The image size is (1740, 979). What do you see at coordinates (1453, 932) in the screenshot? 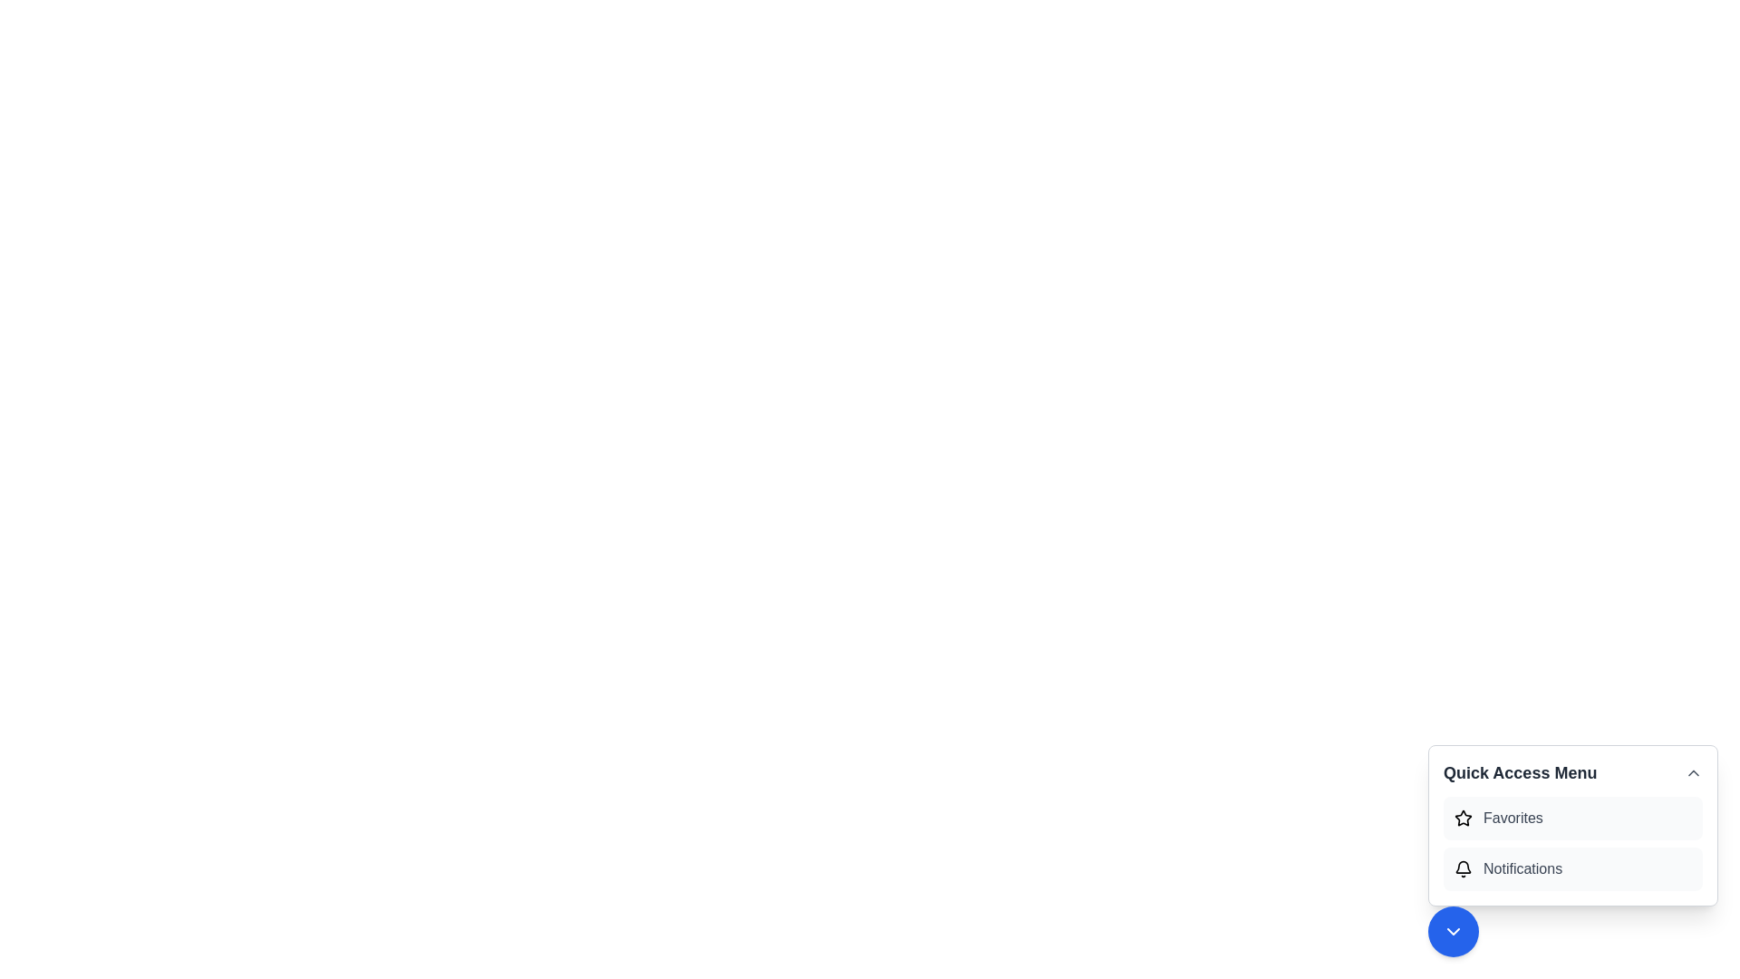
I see `the toggle button for the 'Quick Access Menu' panel` at bounding box center [1453, 932].